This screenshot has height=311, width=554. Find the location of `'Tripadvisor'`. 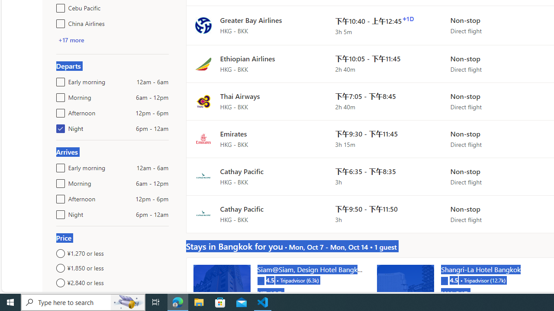

'Tripadvisor' is located at coordinates (444, 280).